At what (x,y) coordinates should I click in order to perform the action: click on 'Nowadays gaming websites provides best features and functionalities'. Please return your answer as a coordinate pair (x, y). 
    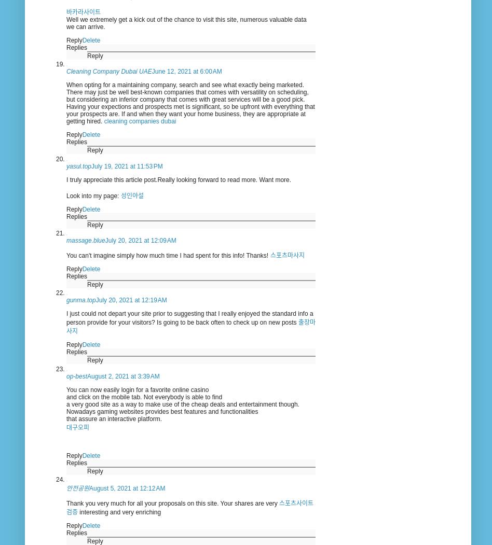
    Looking at the image, I should click on (162, 410).